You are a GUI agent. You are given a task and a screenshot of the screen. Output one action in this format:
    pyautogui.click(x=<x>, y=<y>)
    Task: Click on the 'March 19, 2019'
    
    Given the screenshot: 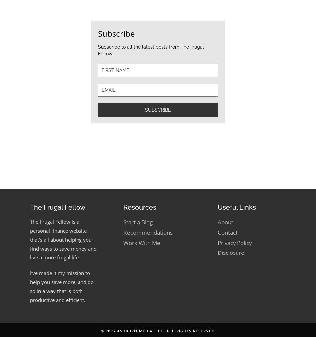 What is the action you would take?
    pyautogui.click(x=245, y=163)
    